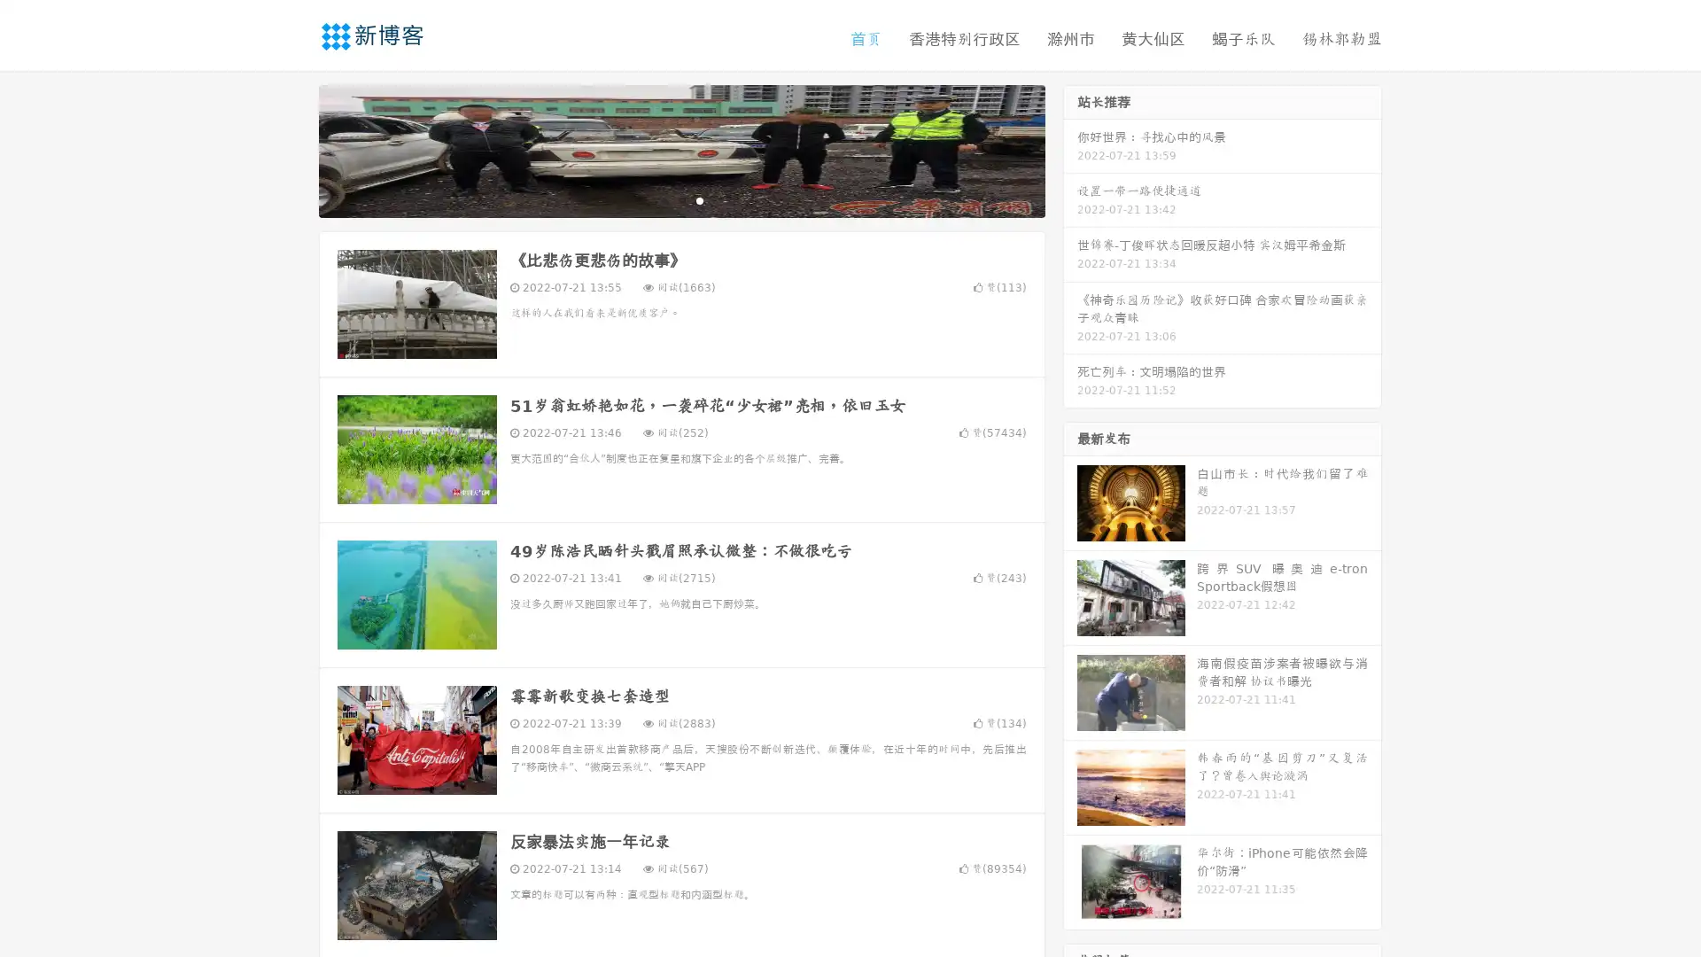 Image resolution: width=1701 pixels, height=957 pixels. What do you see at coordinates (292, 149) in the screenshot?
I see `Previous slide` at bounding box center [292, 149].